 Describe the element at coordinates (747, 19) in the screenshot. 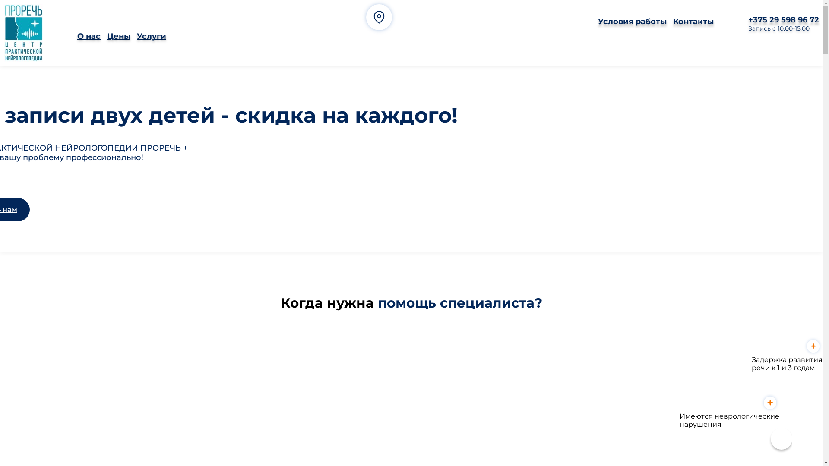

I see `'+375 29 598 96 72'` at that location.